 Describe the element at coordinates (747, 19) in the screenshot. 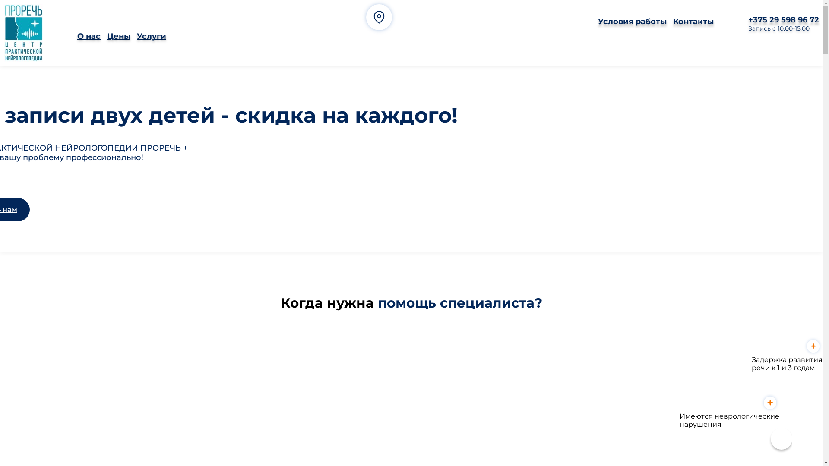

I see `'+375 29 598 96 72'` at that location.